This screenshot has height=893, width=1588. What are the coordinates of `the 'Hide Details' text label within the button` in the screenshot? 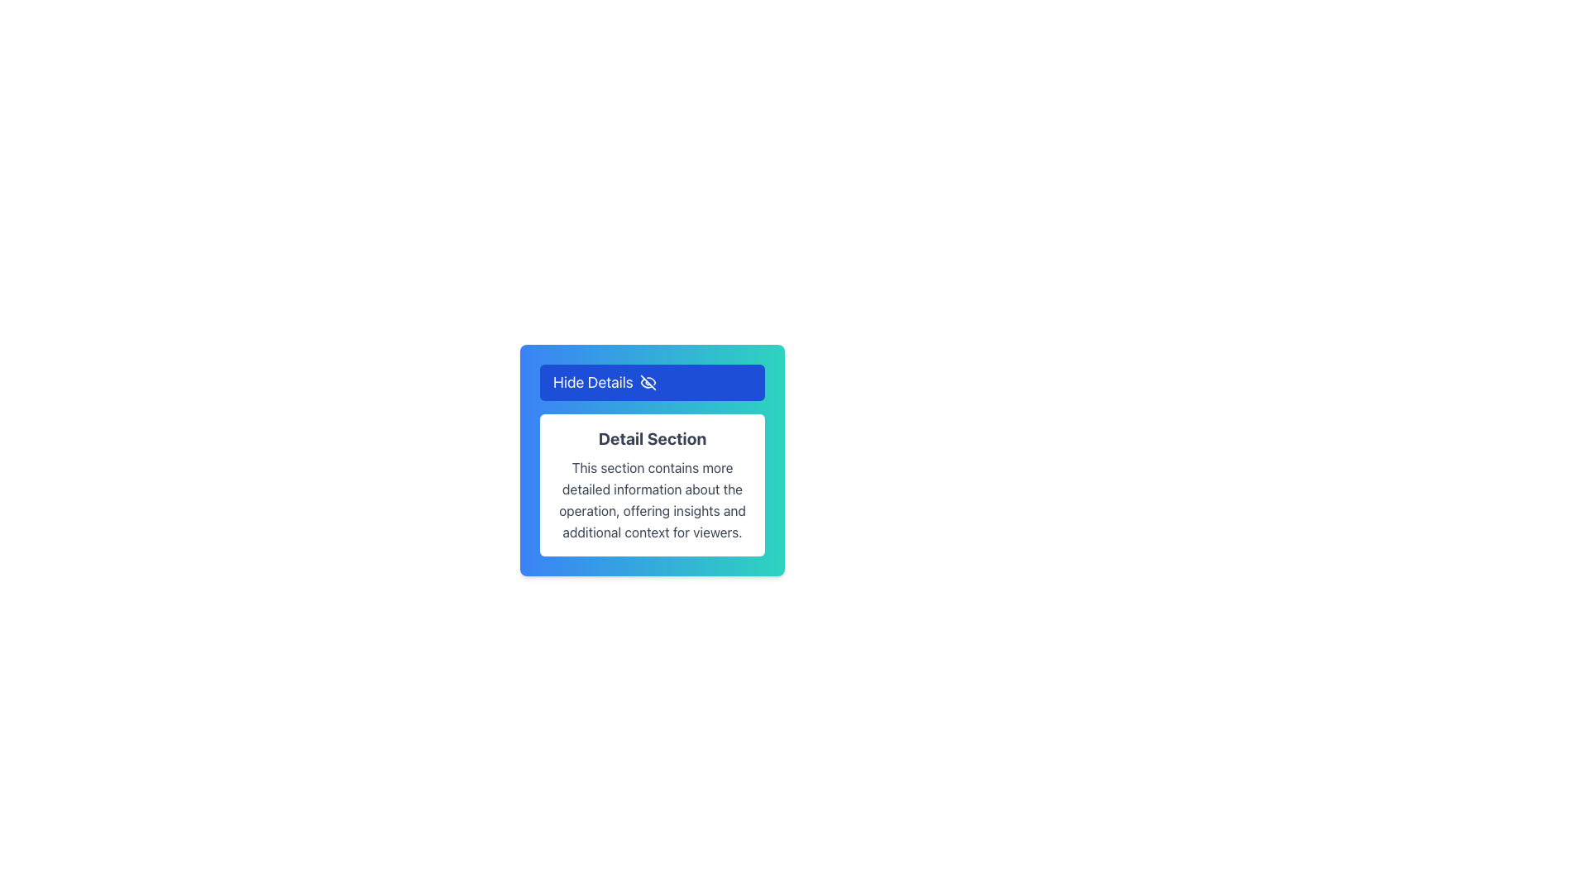 It's located at (593, 382).